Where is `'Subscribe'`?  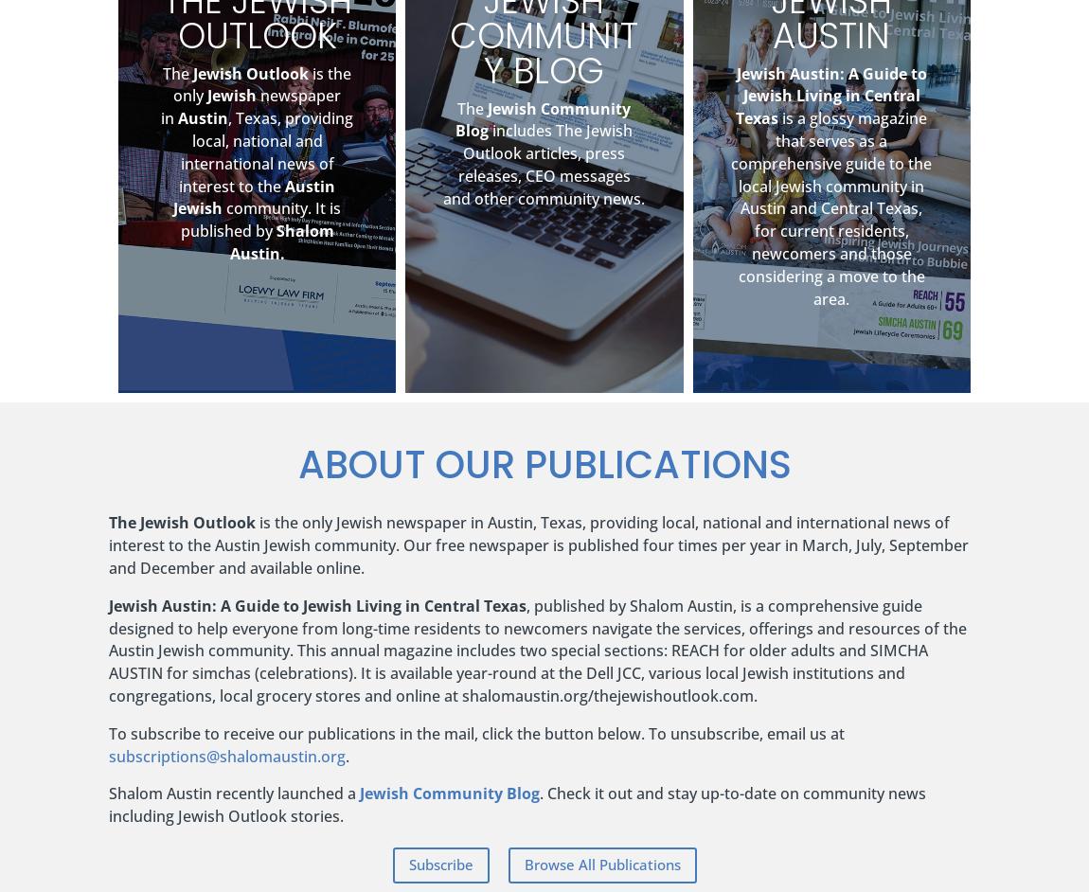 'Subscribe' is located at coordinates (439, 863).